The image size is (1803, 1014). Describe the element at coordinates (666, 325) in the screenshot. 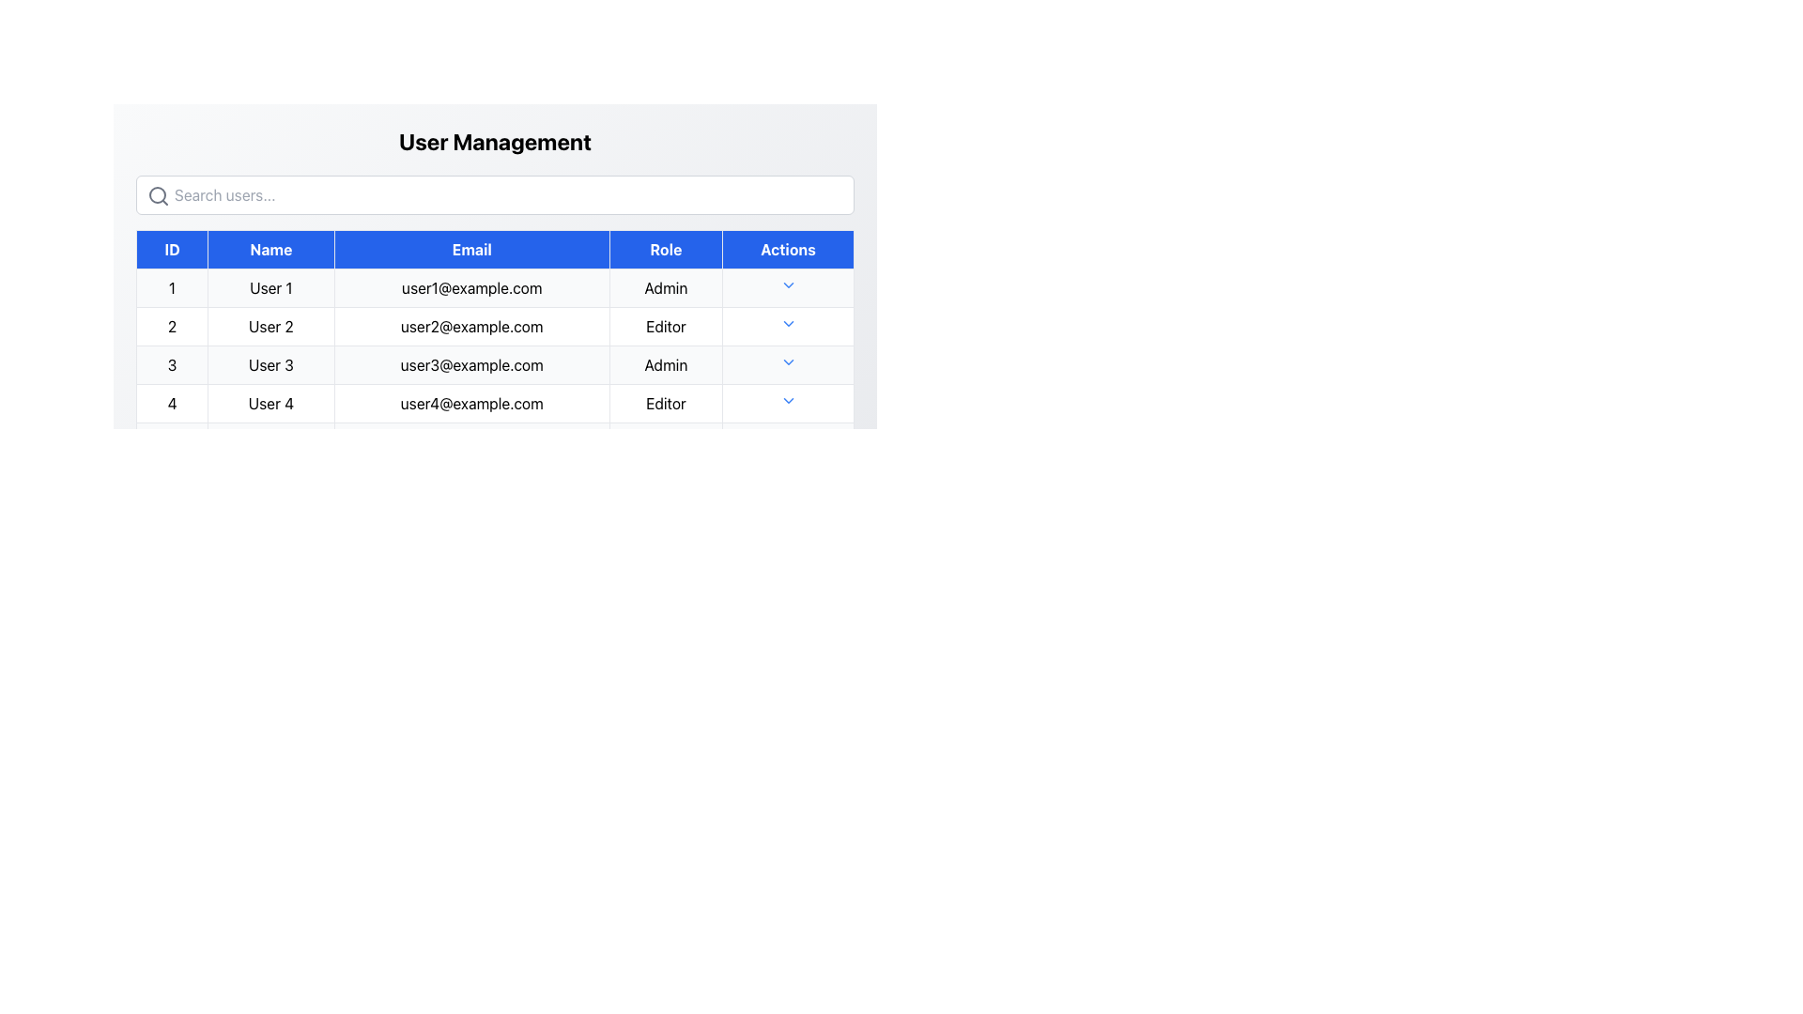

I see `the 'Editor' text label located in the fourth column of the second row under the 'Role' column header` at that location.